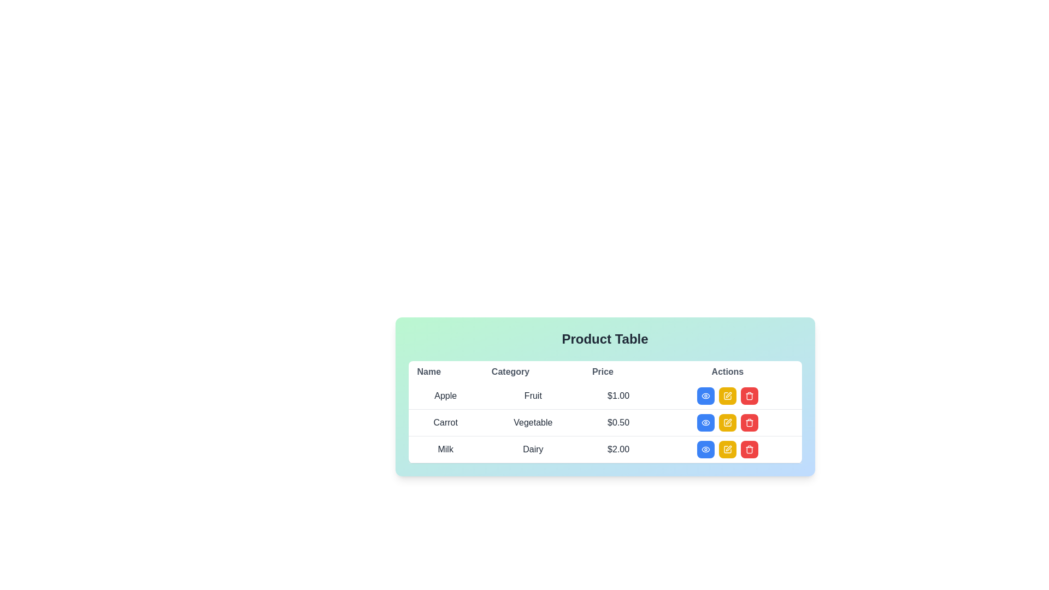 The image size is (1049, 590). I want to click on text label that identifies the product name 'Apple' in the first data row of the product table, located in the 'Name' column, so click(445, 396).